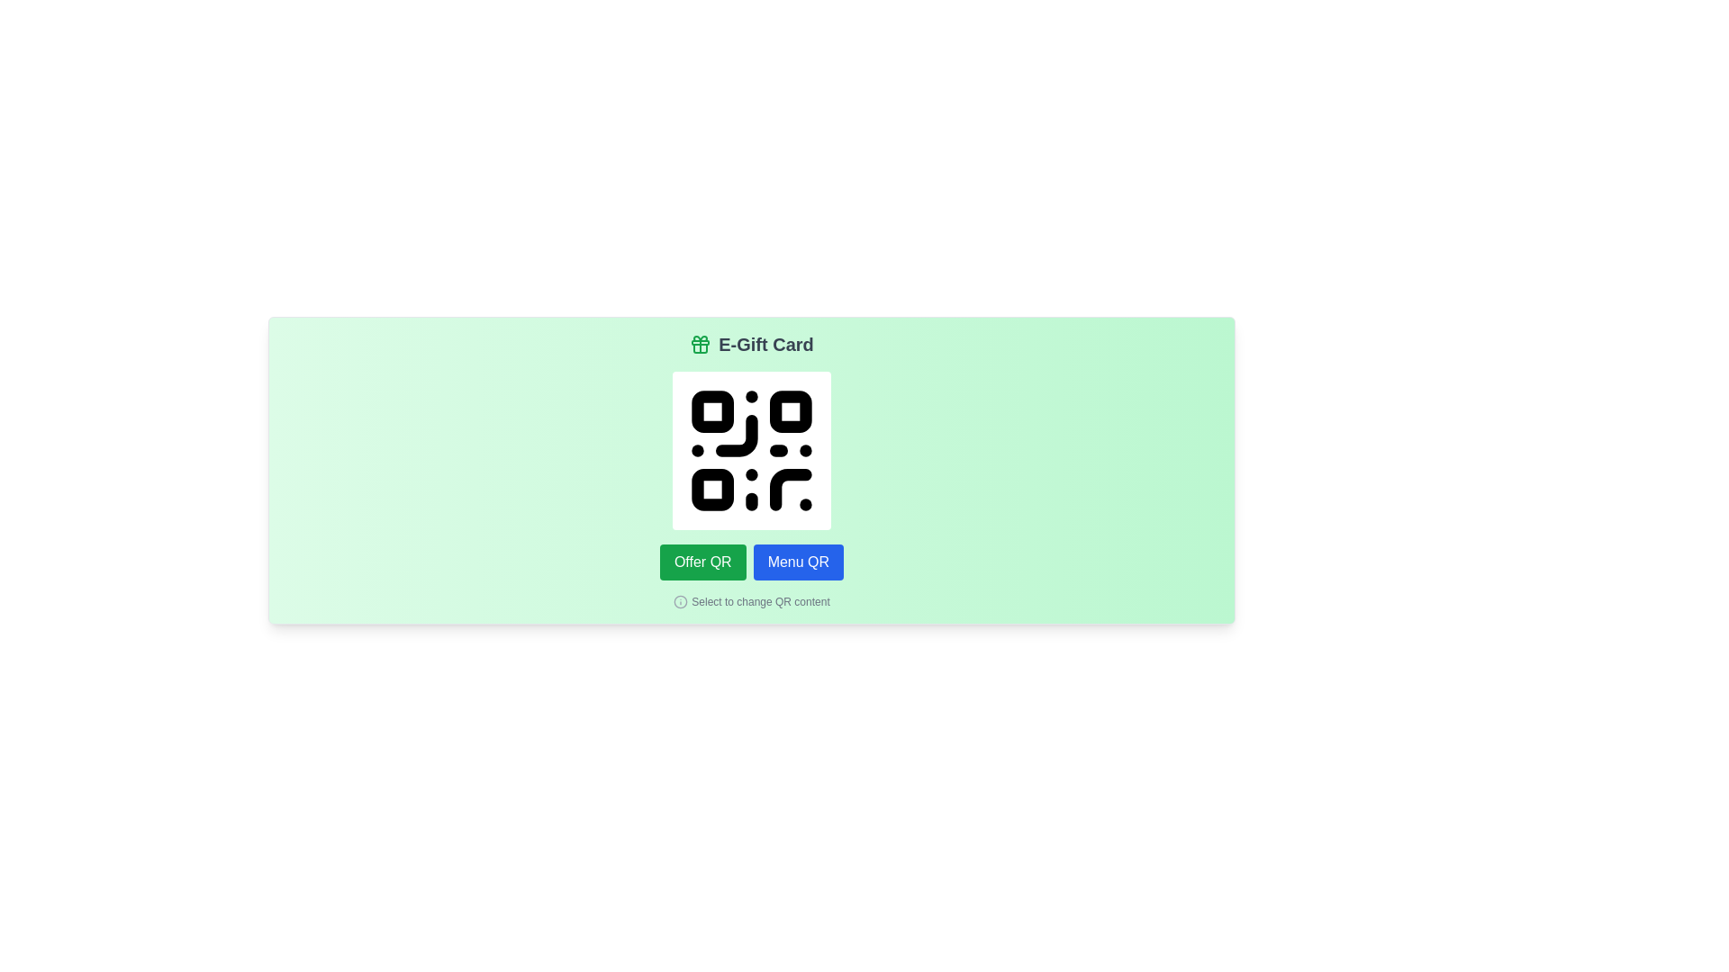 This screenshot has height=972, width=1729. Describe the element at coordinates (797, 561) in the screenshot. I see `the second button in the horizontal layout below the displayed QR code image, which is intended` at that location.